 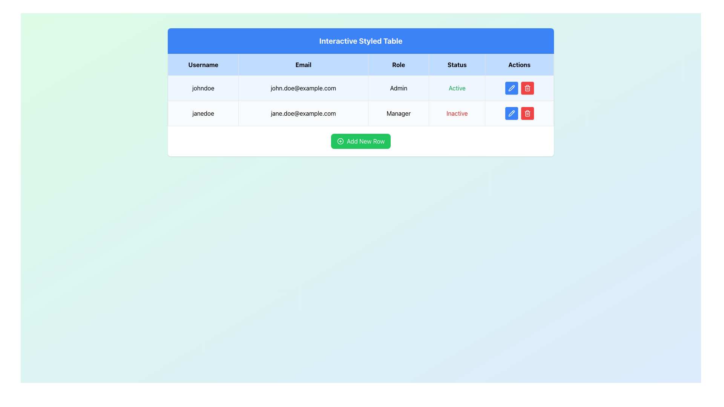 I want to click on the green button labeled 'Add New Row' with a plus icon, so click(x=360, y=141).